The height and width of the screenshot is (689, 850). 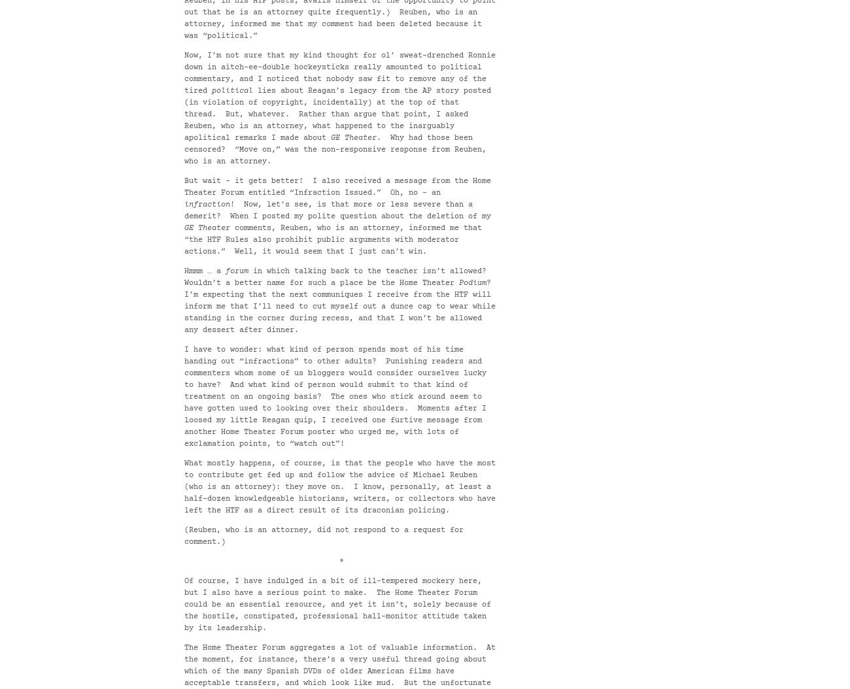 What do you see at coordinates (337, 604) in the screenshot?
I see `'Of course, I have indulged in a bit of ill-tempered mockery here, but I also have a serious point to make.  The Home Theater Forum could be an essential resource, and yet it isn’t, solely because of the hostile, constipated, professional hall-monitor attitude taken by its leadership.'` at bounding box center [337, 604].